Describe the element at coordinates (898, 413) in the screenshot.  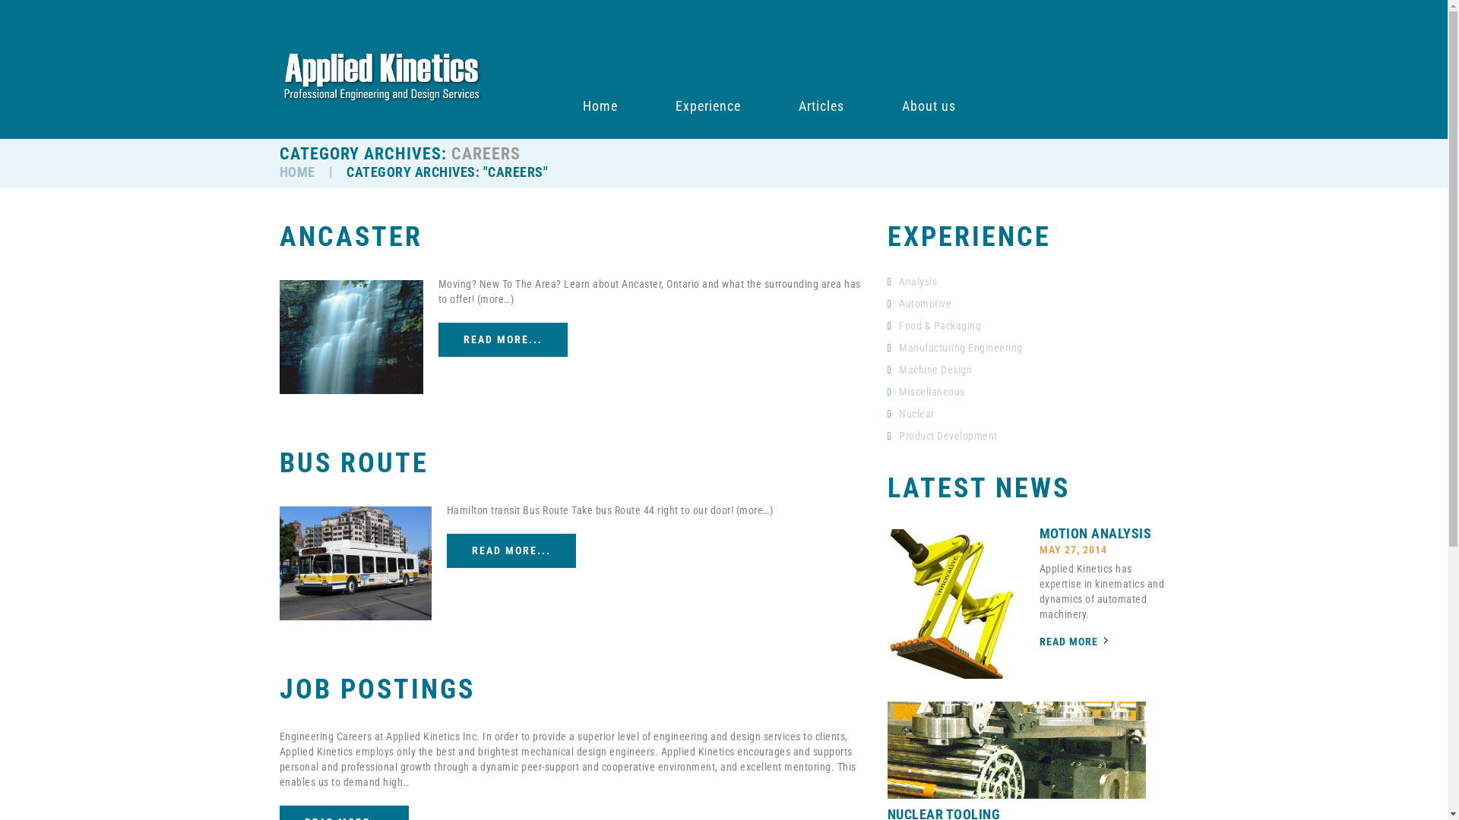
I see `'Nuclear'` at that location.